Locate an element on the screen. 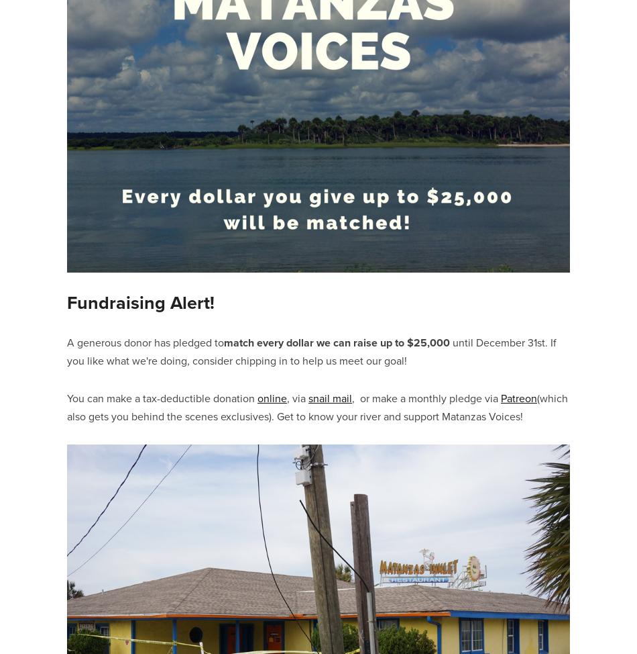  'online' is located at coordinates (272, 397).